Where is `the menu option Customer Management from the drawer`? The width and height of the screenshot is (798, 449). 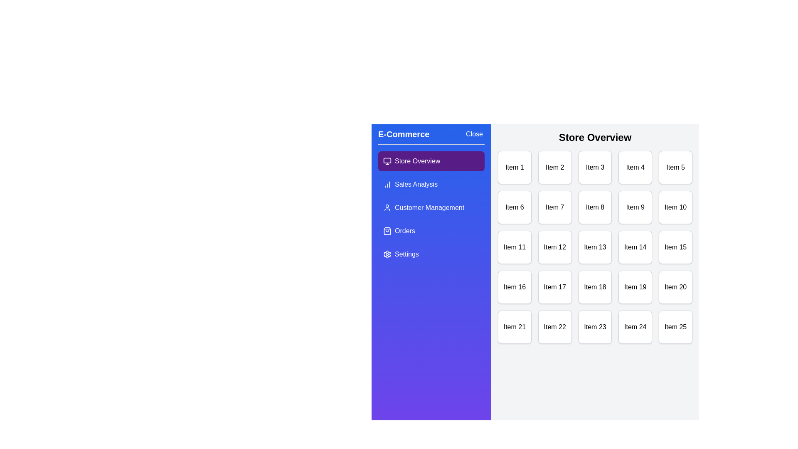 the menu option Customer Management from the drawer is located at coordinates (431, 207).